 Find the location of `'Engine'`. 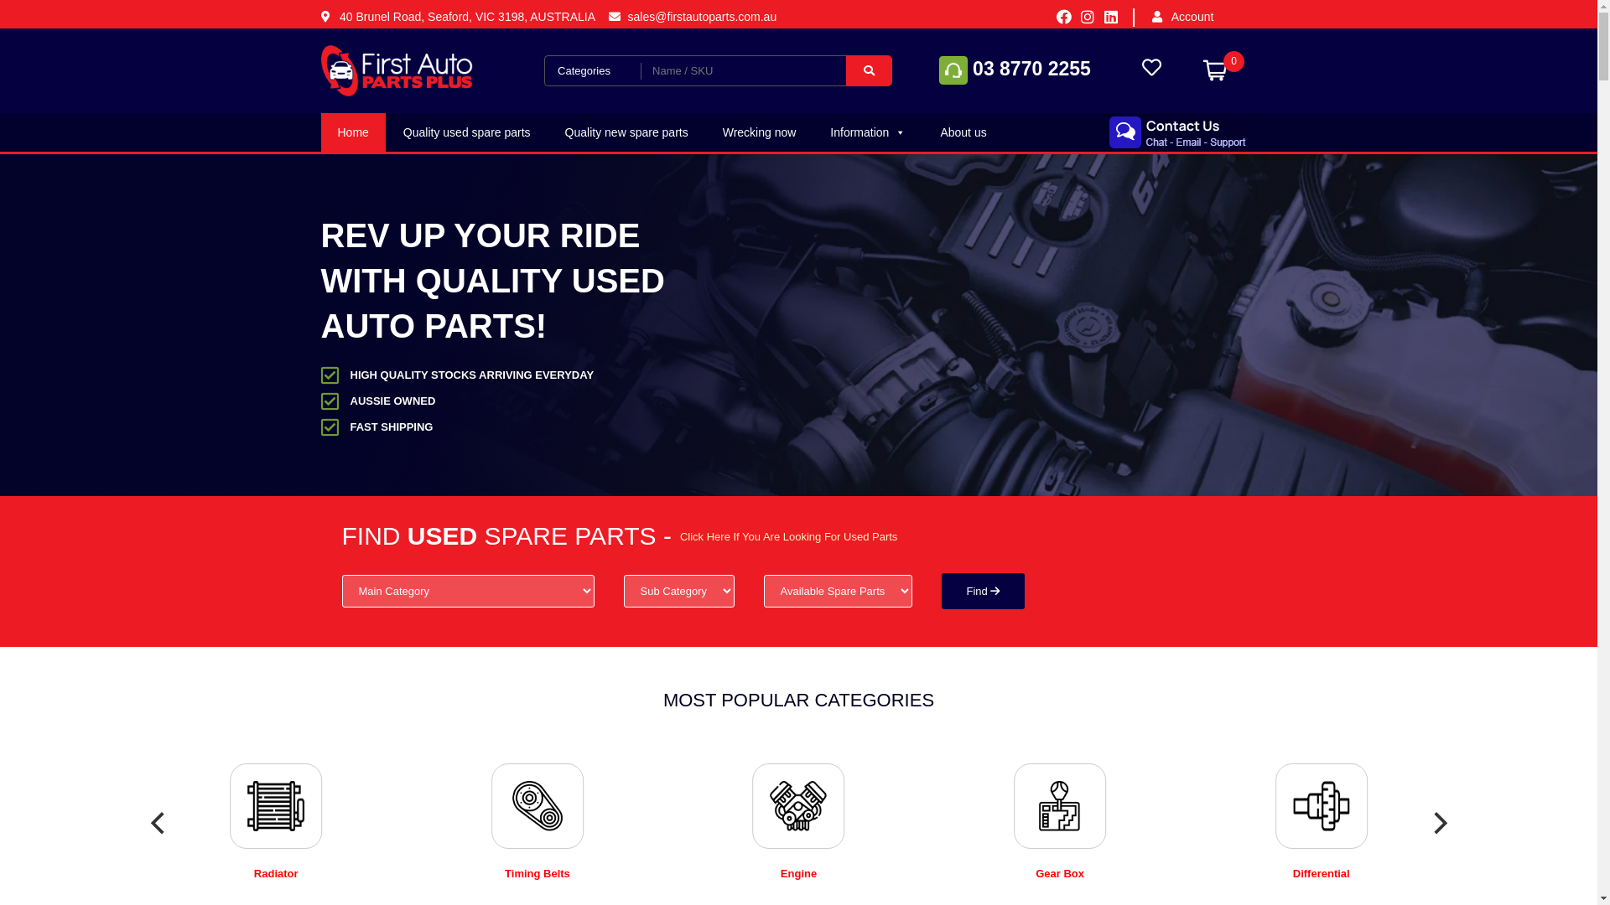

'Engine' is located at coordinates (797, 872).